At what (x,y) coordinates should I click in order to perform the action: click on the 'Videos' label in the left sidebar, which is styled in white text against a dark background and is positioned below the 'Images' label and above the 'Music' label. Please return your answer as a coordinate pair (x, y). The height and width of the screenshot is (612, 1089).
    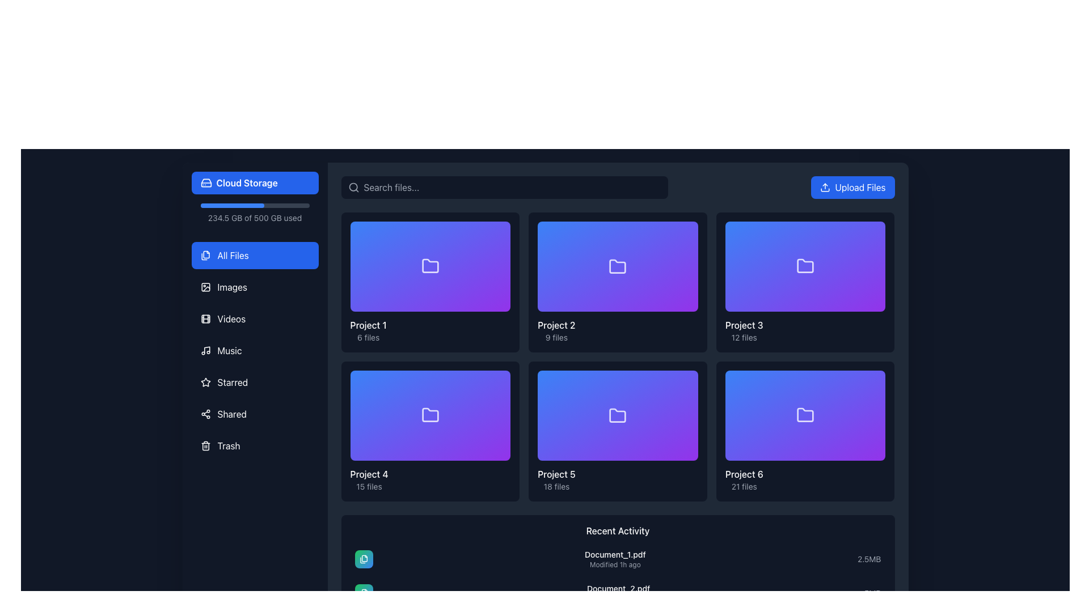
    Looking at the image, I should click on (231, 319).